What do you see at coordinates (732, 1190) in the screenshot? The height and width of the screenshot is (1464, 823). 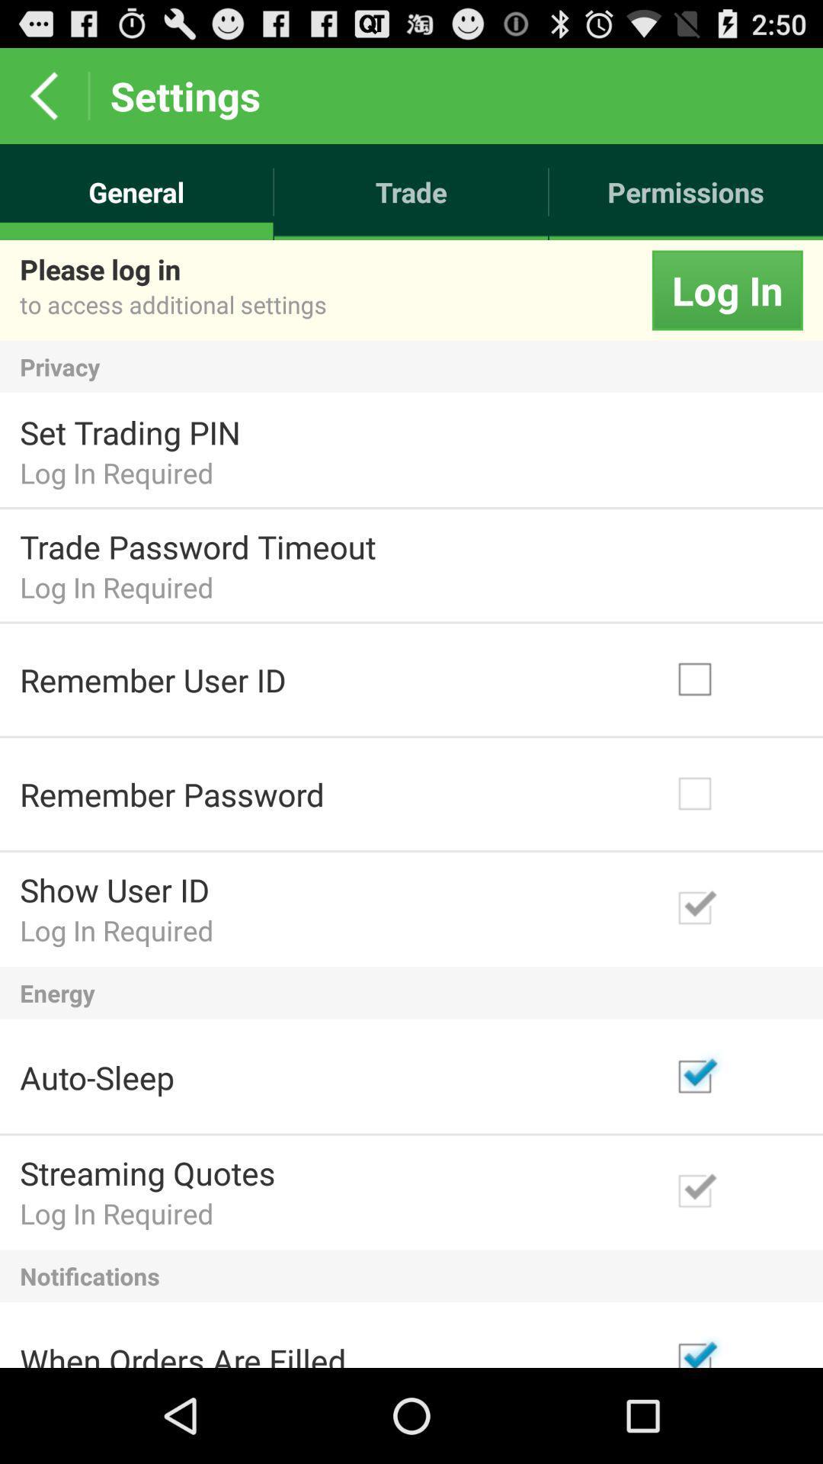 I see `fifth check box` at bounding box center [732, 1190].